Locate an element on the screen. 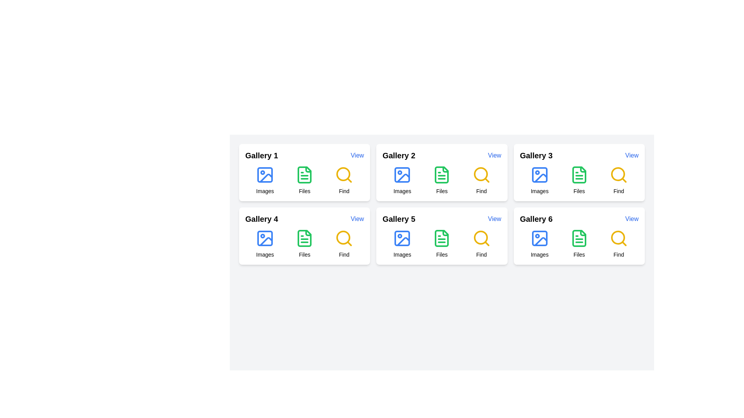  the blue underlined text link labeled 'View' located at the top-right corner of the 'Gallery 2' card is located at coordinates (494, 155).